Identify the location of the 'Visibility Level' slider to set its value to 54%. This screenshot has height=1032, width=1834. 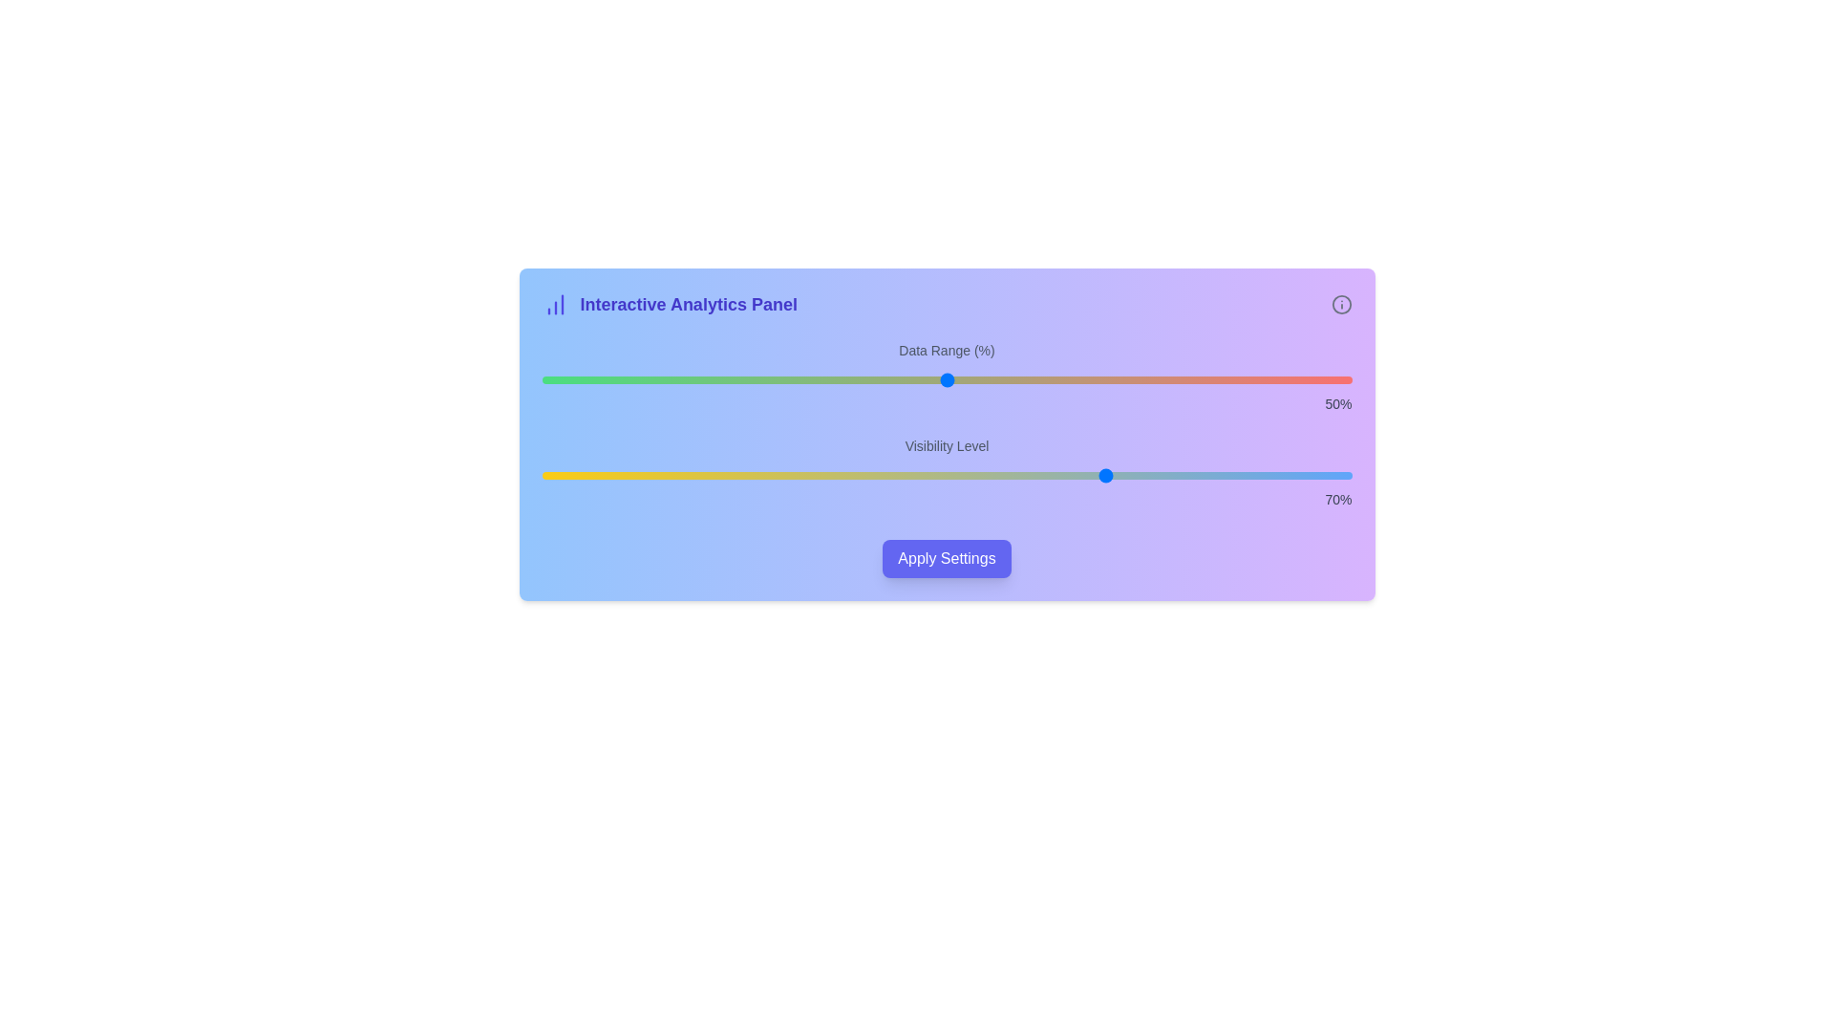
(979, 474).